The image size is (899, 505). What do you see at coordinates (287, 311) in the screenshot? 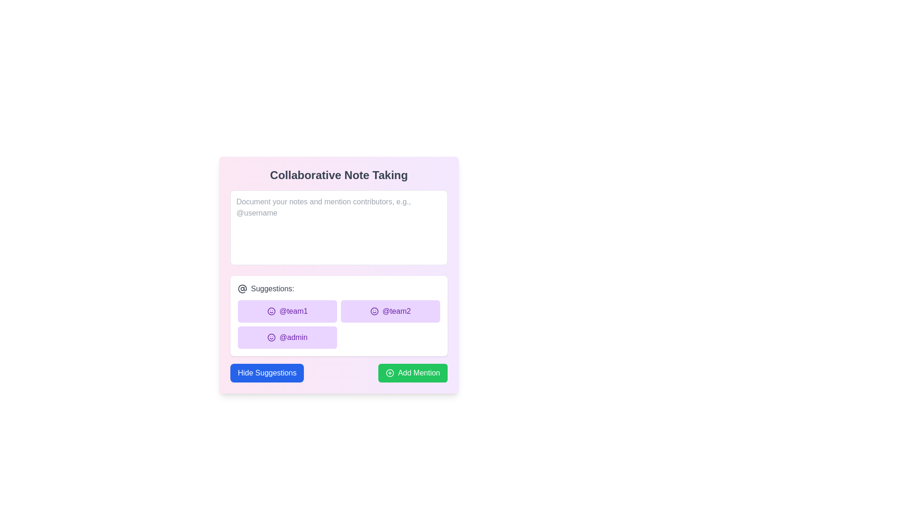
I see `the rectangular button labeled '@team1' with a purple text on a light purple background` at bounding box center [287, 311].